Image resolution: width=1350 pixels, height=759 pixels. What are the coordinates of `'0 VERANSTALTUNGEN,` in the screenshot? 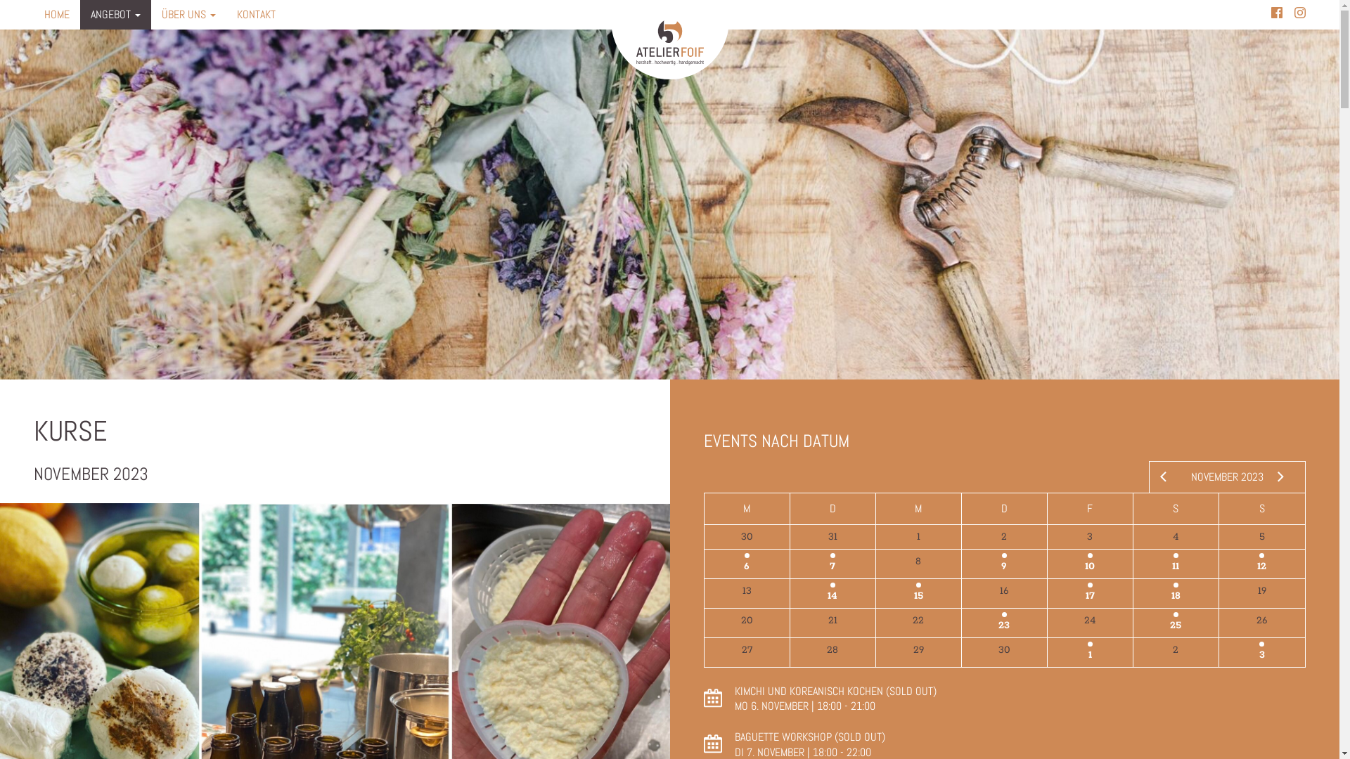 It's located at (832, 652).